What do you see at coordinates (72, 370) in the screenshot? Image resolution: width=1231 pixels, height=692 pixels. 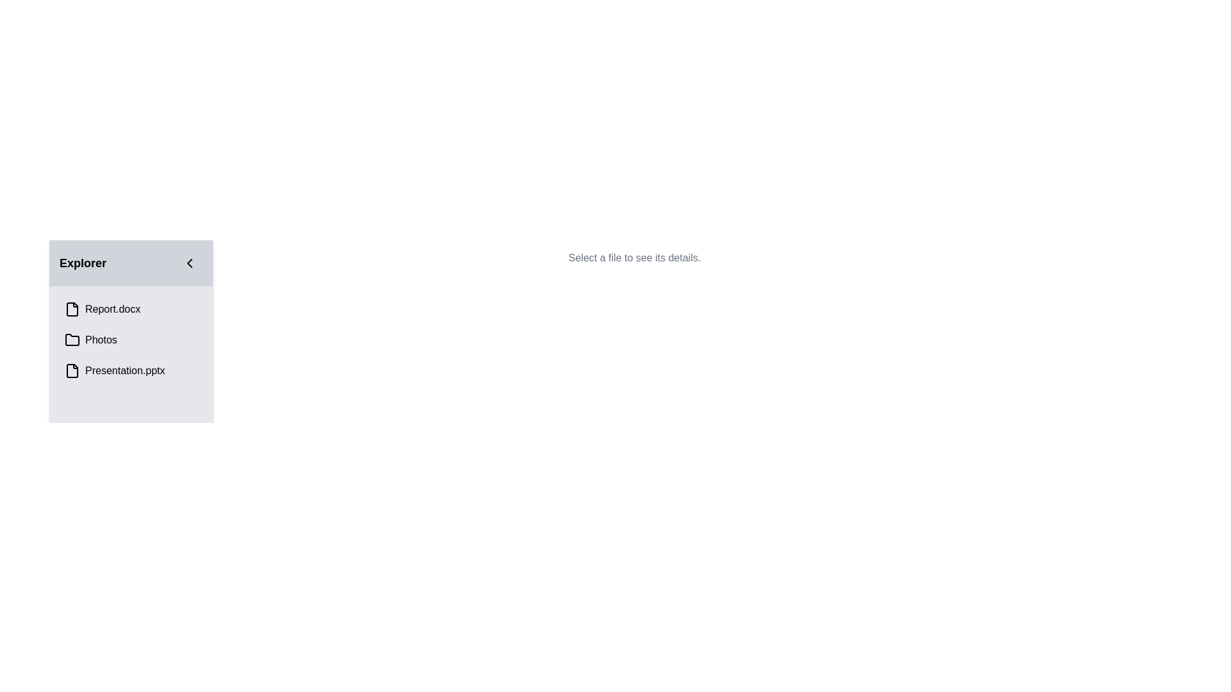 I see `the document icon located to the left of 'Presentation.pptx' in the Explorer section, which is the third item in the list` at bounding box center [72, 370].